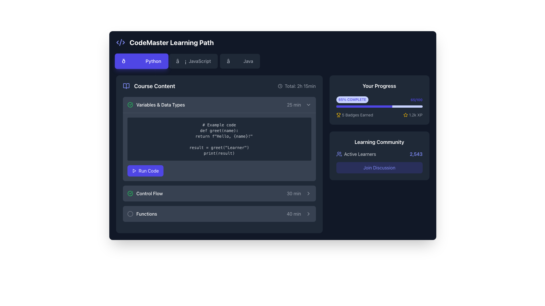 The image size is (545, 306). I want to click on the text label displaying '5 Badges Earned' in the 'Your Progress' section to read it, so click(357, 115).